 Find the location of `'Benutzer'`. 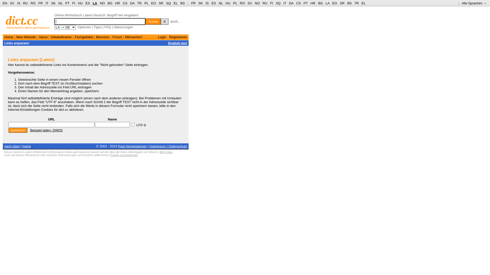

'Benutzer' is located at coordinates (103, 37).